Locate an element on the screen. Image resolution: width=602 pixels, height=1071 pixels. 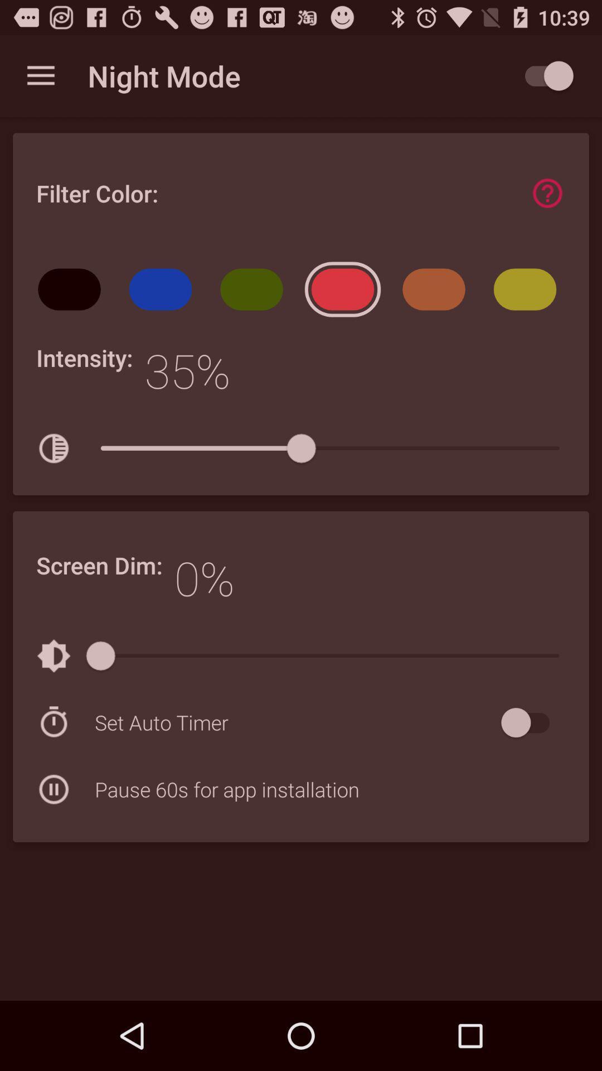
the item to the right of filter color: item is located at coordinates (547, 193).